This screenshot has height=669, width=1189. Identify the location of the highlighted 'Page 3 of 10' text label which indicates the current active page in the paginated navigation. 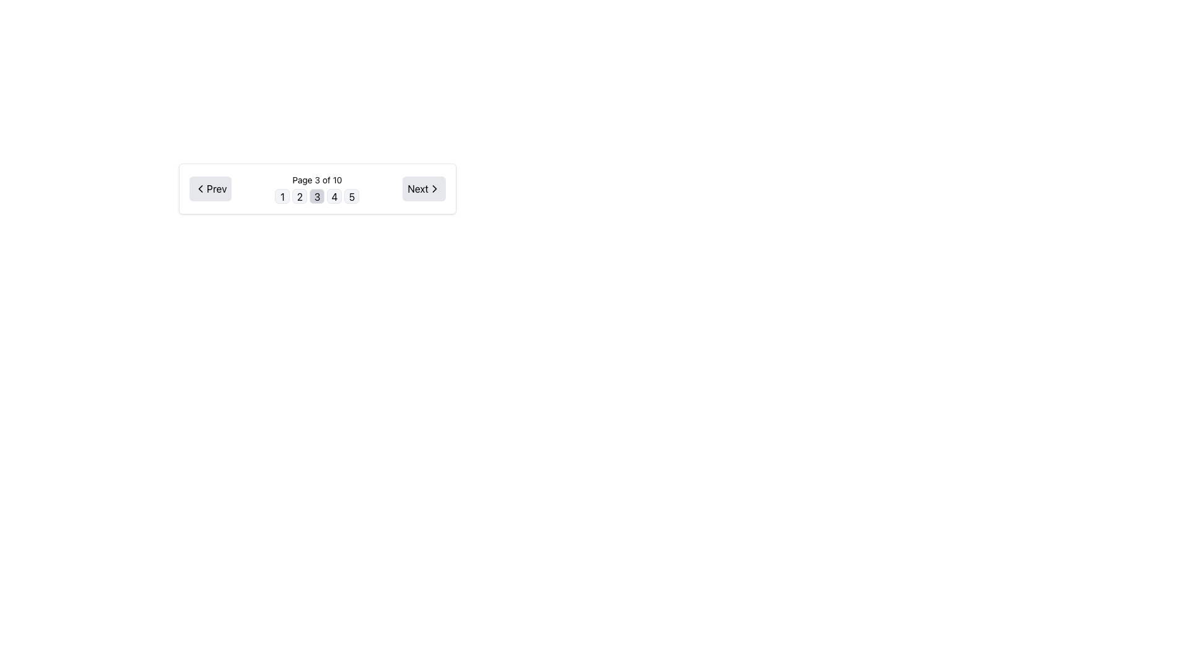
(318, 188).